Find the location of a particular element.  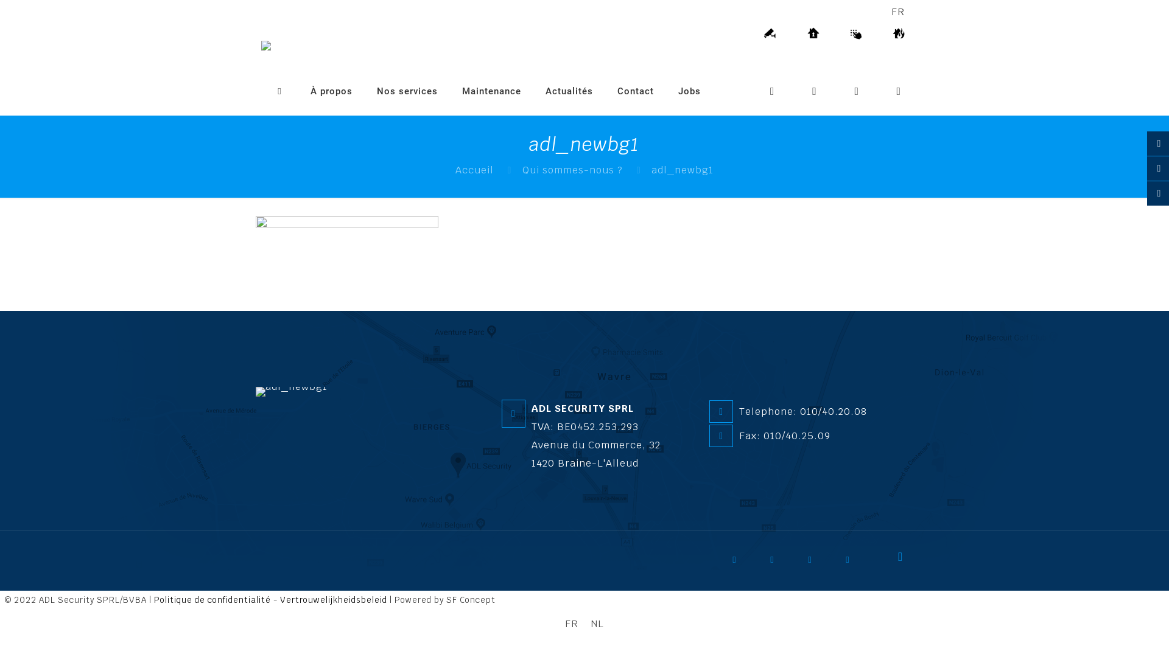

'LinkedIn' is located at coordinates (804, 563).